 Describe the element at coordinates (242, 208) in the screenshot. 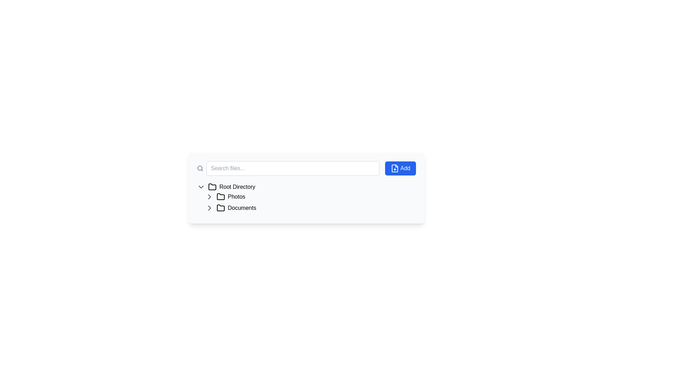

I see `the non-interactive 'Documents' text label in the file manager, which is the third entry in the vertical list after 'Root Directory' and 'Photos'` at that location.